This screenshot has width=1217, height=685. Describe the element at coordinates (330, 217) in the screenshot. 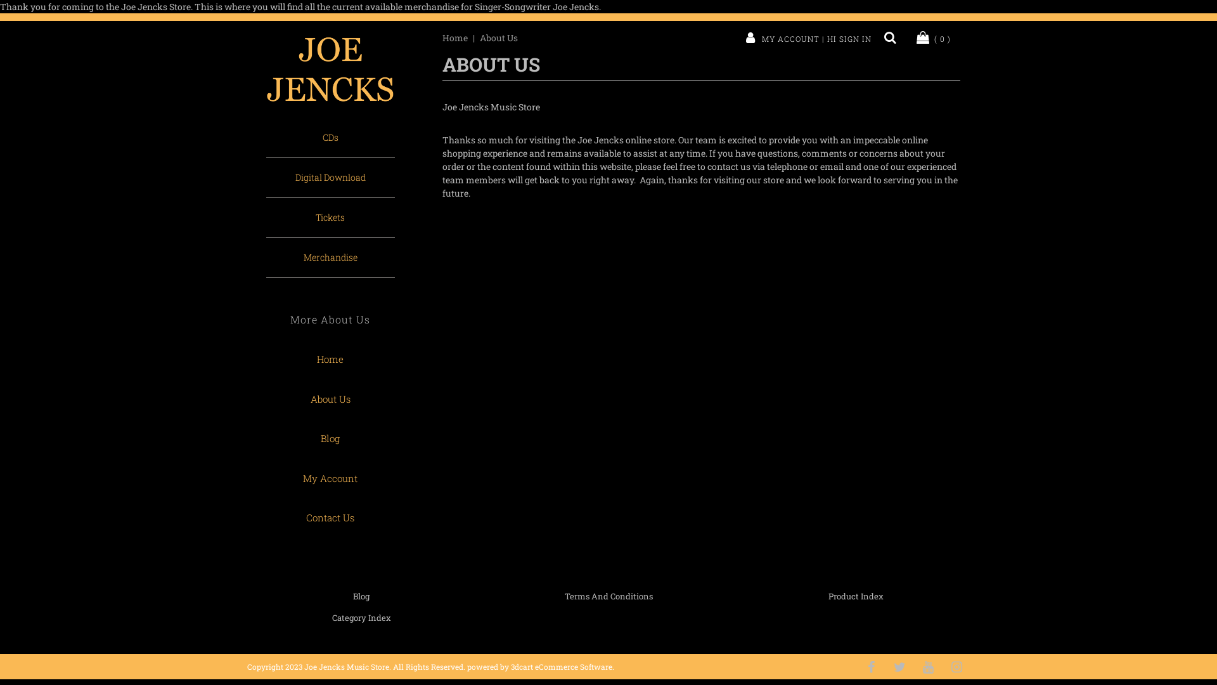

I see `'Tickets'` at that location.